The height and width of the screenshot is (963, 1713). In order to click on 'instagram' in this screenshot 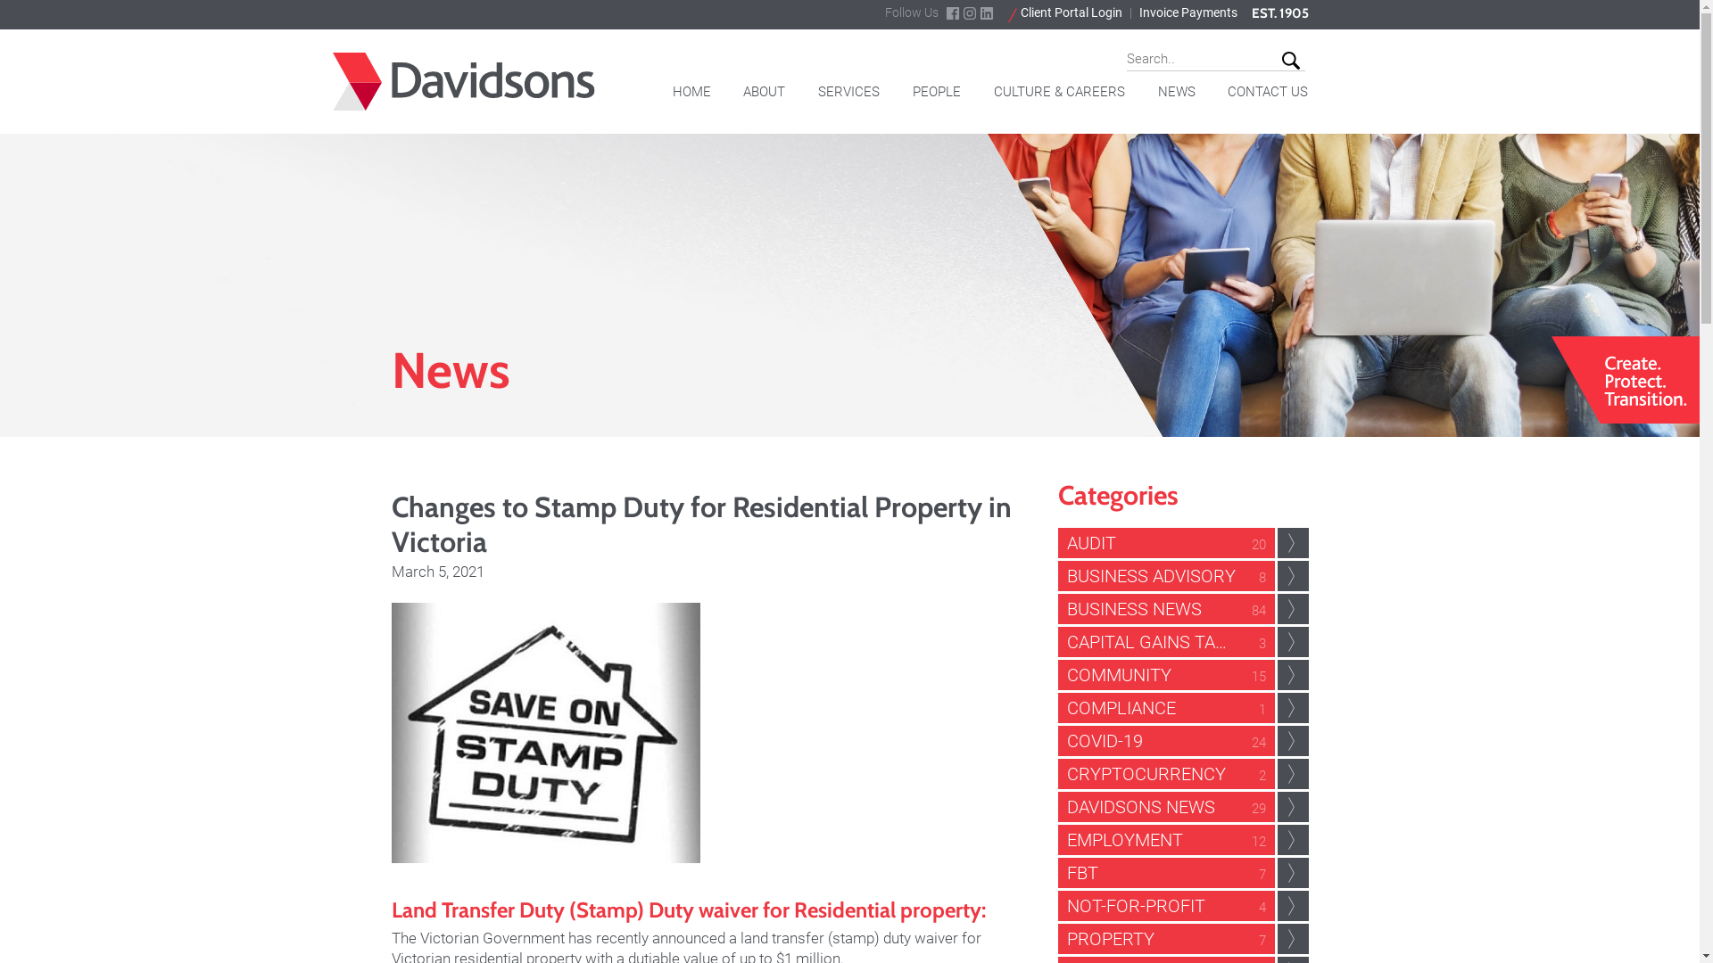, I will do `click(968, 13)`.